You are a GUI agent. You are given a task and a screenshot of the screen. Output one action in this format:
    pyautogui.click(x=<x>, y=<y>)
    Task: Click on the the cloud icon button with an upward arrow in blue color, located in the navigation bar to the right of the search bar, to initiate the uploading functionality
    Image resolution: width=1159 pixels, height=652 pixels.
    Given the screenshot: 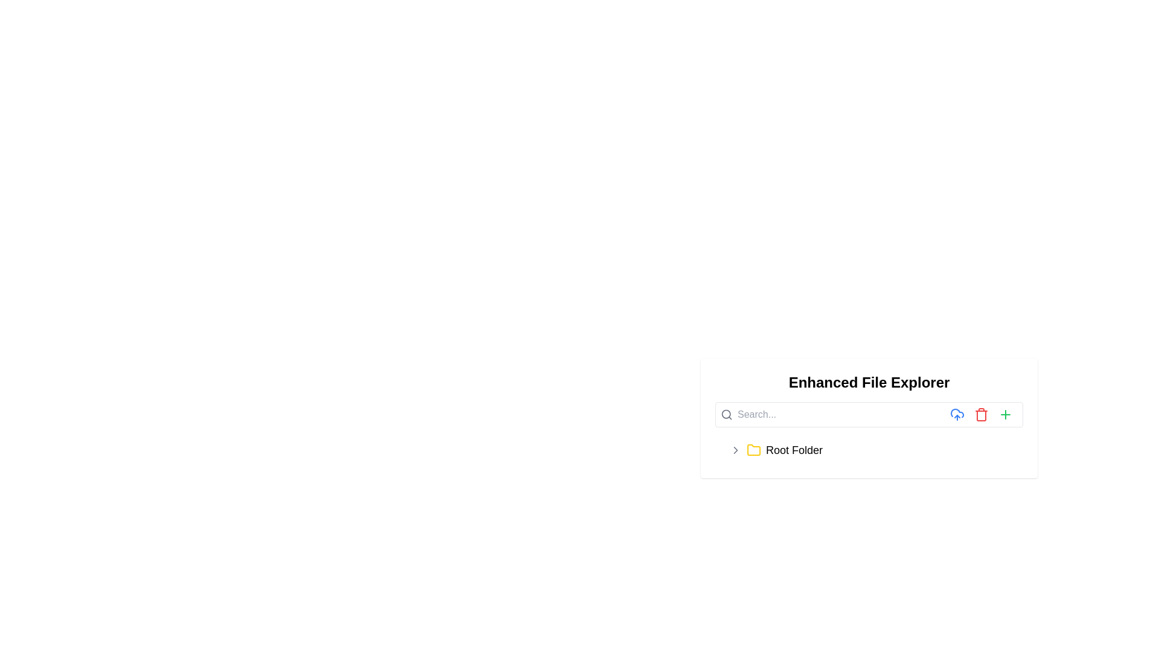 What is the action you would take?
    pyautogui.click(x=956, y=414)
    